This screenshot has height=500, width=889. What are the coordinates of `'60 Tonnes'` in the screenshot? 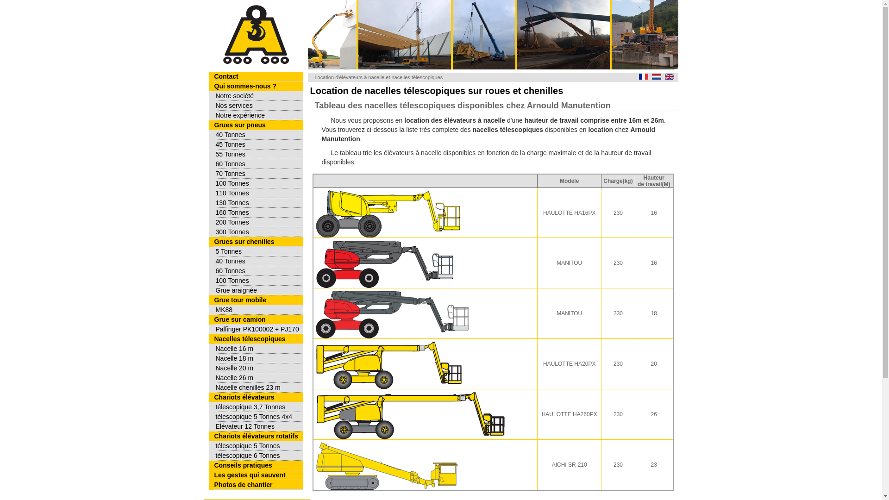 It's located at (259, 163).